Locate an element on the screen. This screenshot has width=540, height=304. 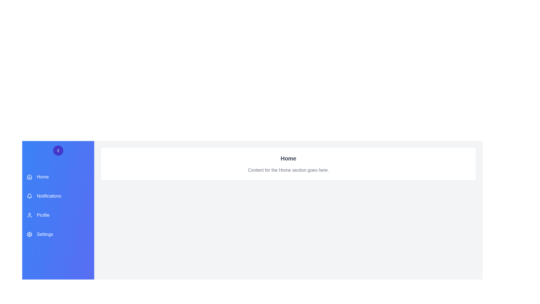
the 'Home' SVG Icon located on the vertical navigation sidebar, which is the first icon in the list above the 'Notifications' icon is located at coordinates (29, 176).